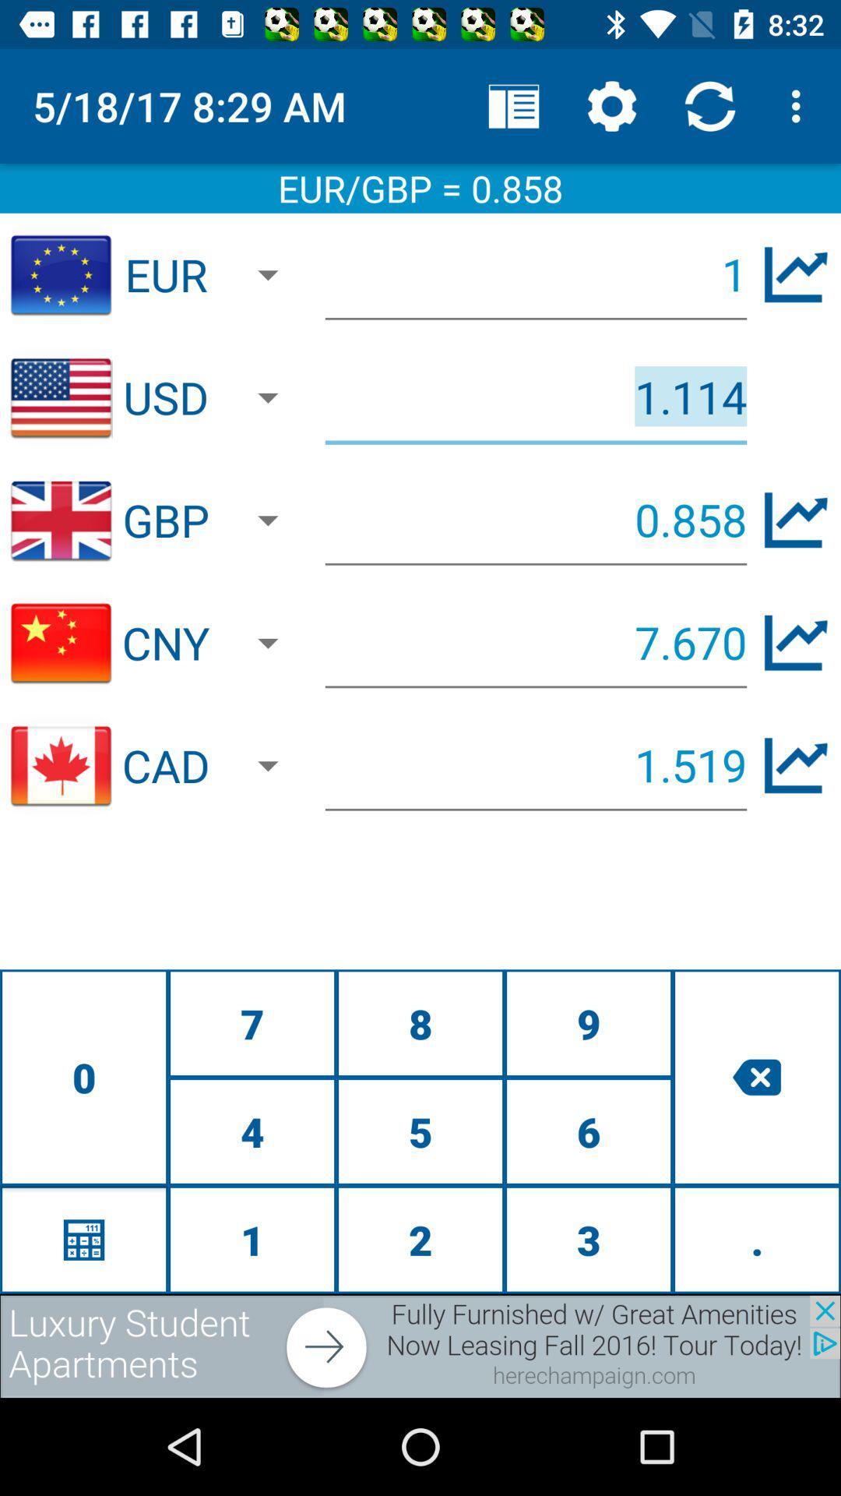 This screenshot has width=841, height=1496. I want to click on the edit icon, so click(796, 765).